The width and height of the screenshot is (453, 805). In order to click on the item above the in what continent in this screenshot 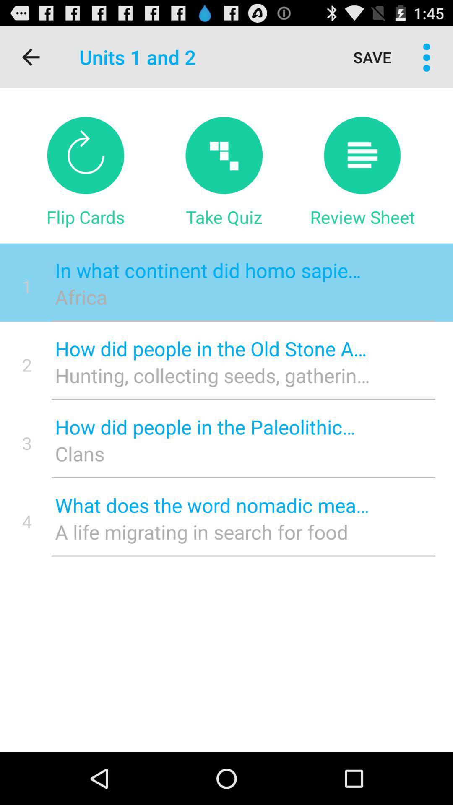, I will do `click(362, 217)`.